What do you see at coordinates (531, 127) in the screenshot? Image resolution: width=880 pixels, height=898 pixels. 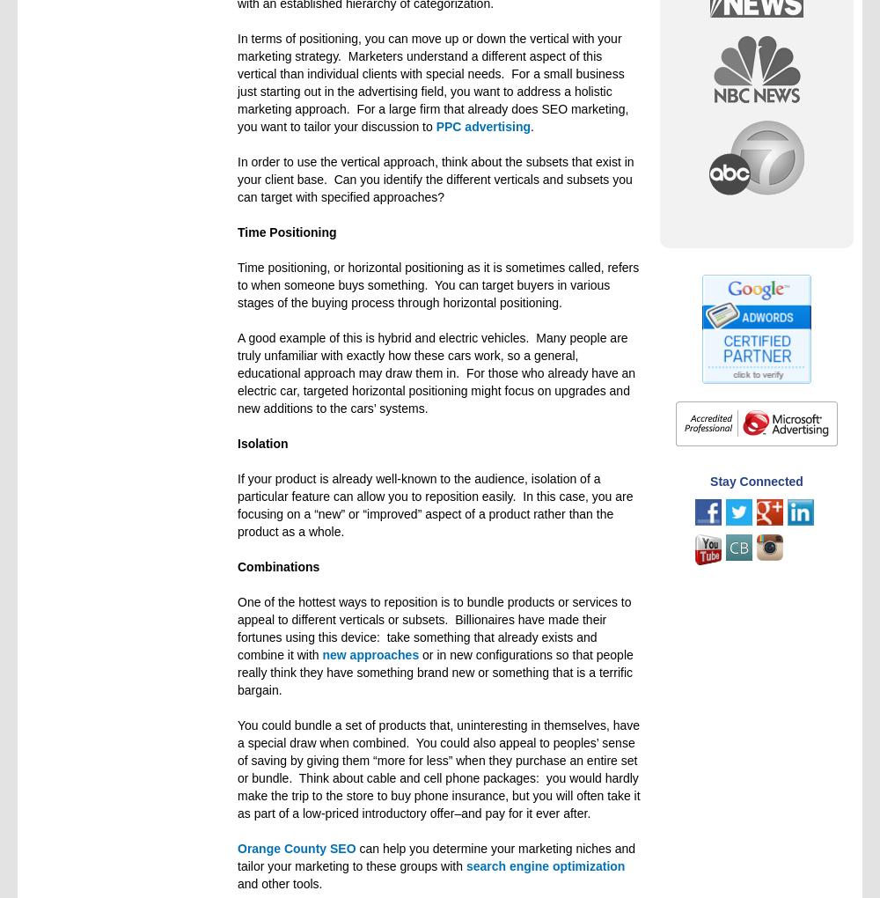 I see `'.'` at bounding box center [531, 127].